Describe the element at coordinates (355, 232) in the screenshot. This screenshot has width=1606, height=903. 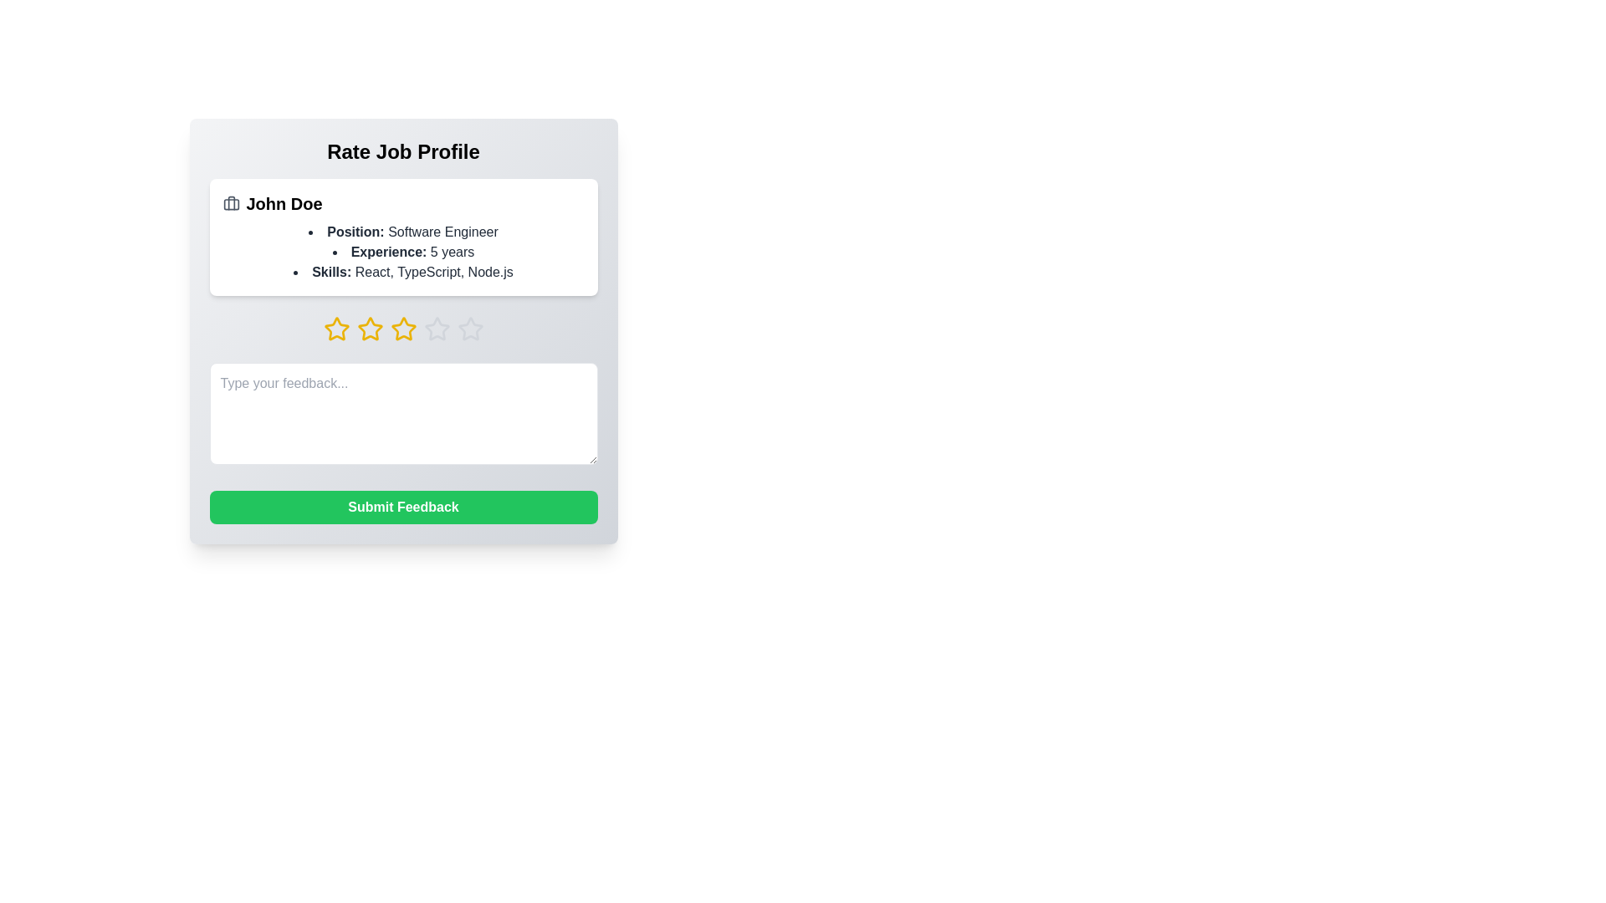
I see `the label text 'Position:' which is bold and styled, located in the profile card section, to the left of 'Software Engineer'` at that location.